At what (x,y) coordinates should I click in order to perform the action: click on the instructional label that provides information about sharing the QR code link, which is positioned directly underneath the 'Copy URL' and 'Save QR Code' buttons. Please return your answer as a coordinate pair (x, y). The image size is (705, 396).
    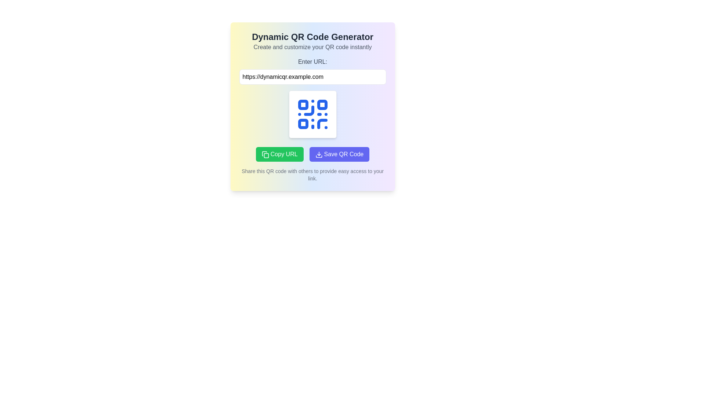
    Looking at the image, I should click on (312, 175).